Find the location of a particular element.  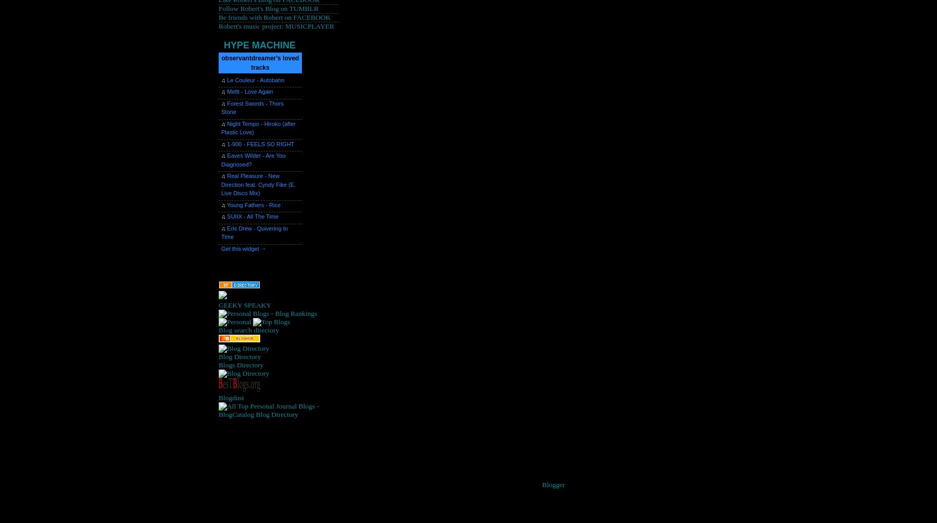

'Blog Directory' is located at coordinates (239, 356).